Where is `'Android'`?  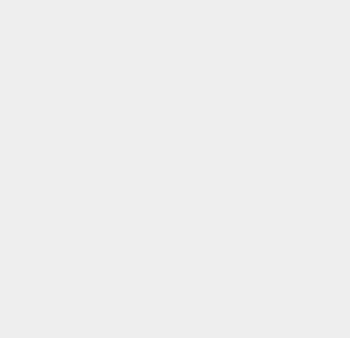
'Android' is located at coordinates (248, 198).